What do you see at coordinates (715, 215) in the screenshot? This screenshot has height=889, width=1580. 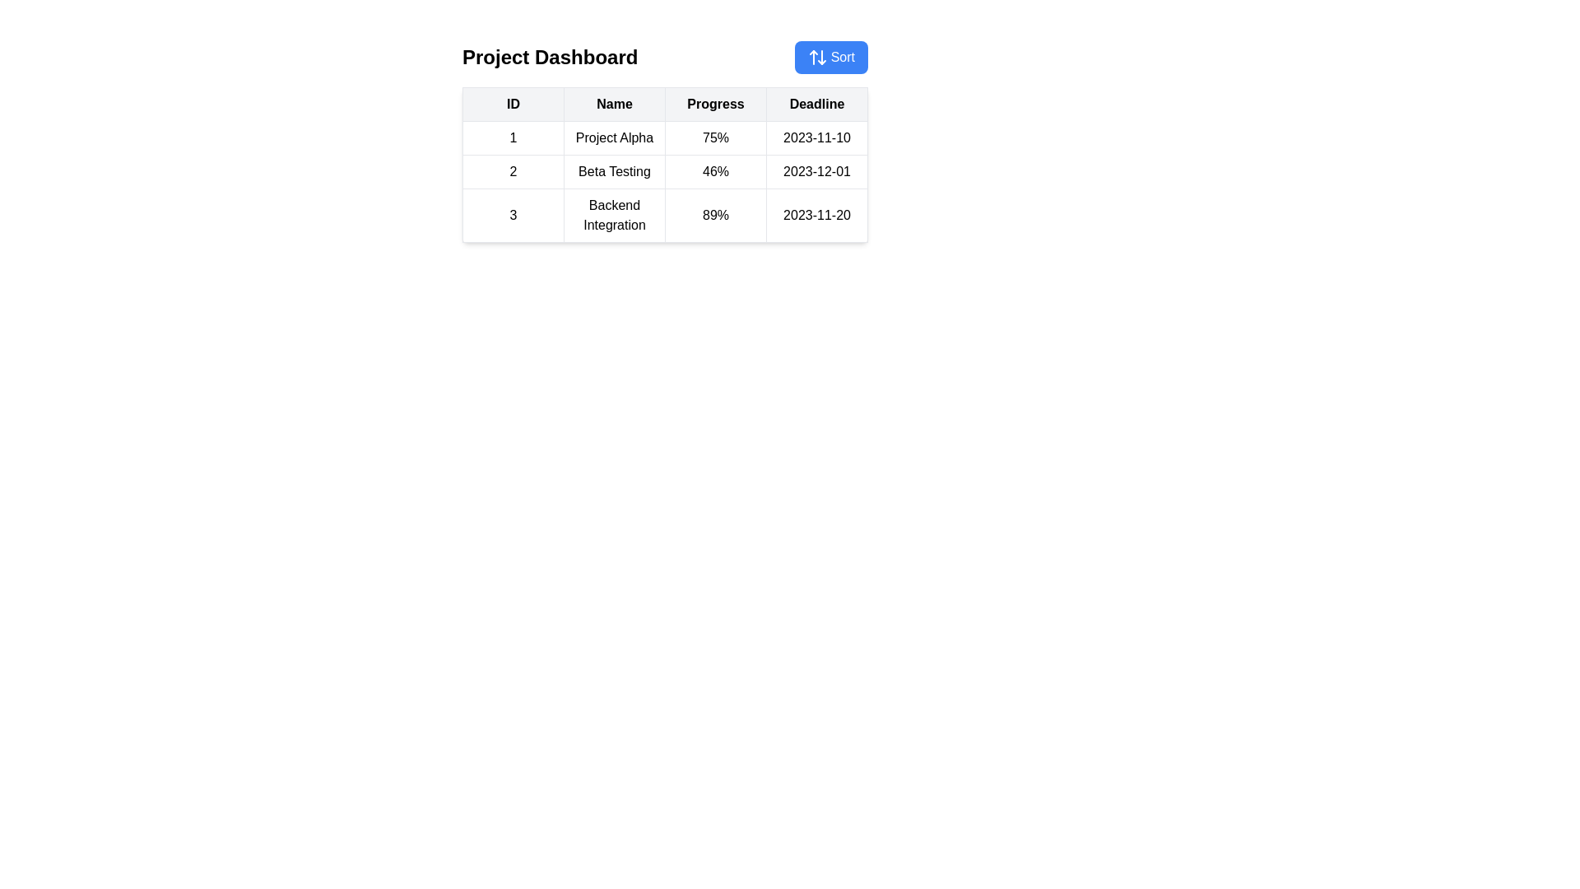 I see `the progress percentage text label located in the third row and third column of the dashboard table` at bounding box center [715, 215].